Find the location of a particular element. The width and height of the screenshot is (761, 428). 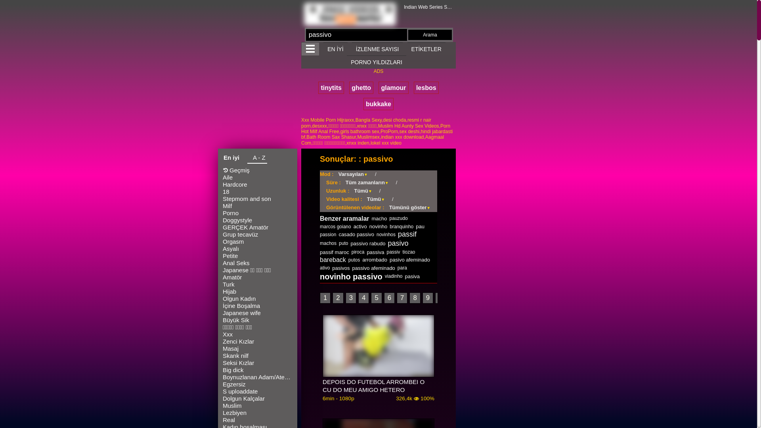

'En iyi' is located at coordinates (231, 159).